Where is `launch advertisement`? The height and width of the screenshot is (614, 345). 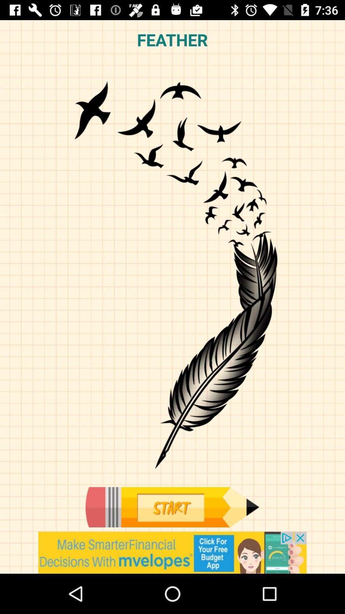 launch advertisement is located at coordinates (172, 552).